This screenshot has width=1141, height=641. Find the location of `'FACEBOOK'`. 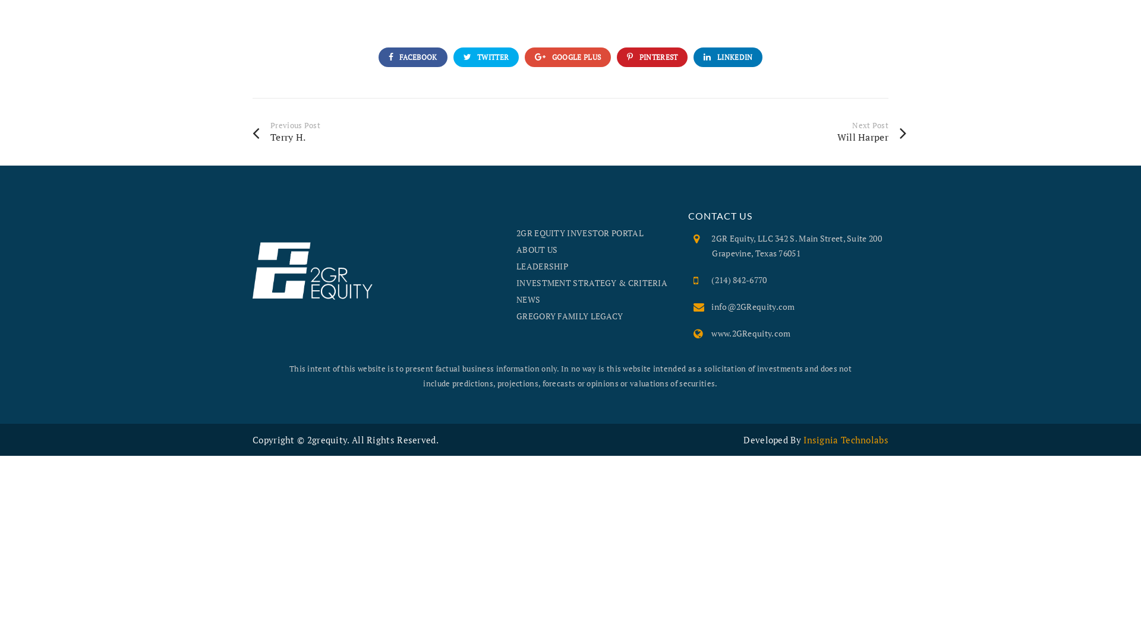

'FACEBOOK' is located at coordinates (412, 57).